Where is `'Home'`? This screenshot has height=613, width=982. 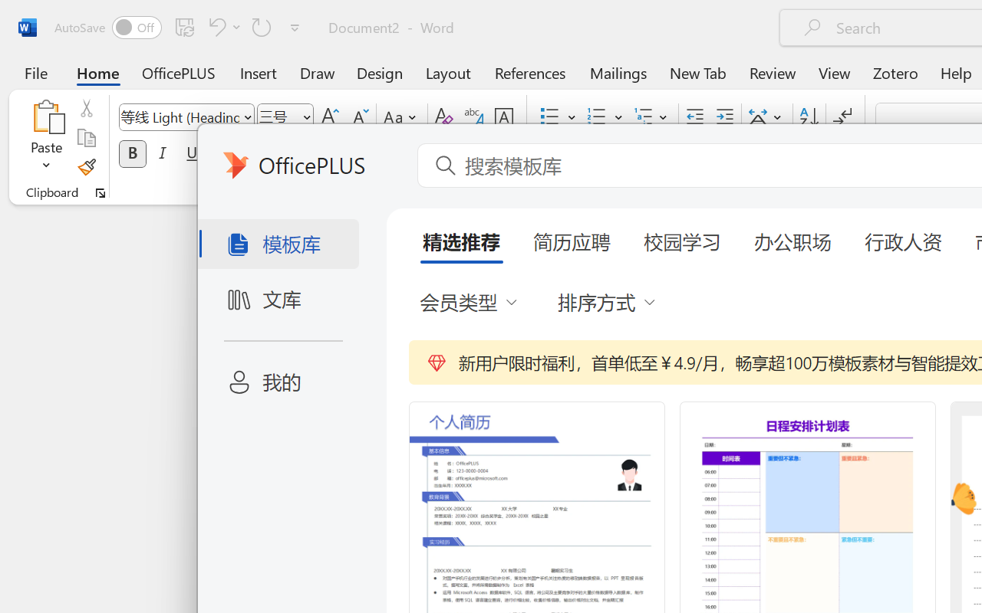 'Home' is located at coordinates (97, 72).